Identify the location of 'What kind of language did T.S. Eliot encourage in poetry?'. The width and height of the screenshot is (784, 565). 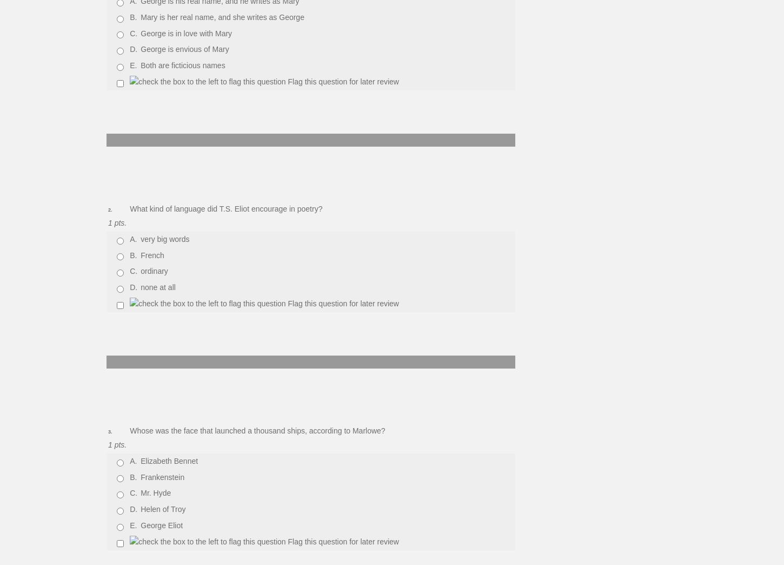
(225, 208).